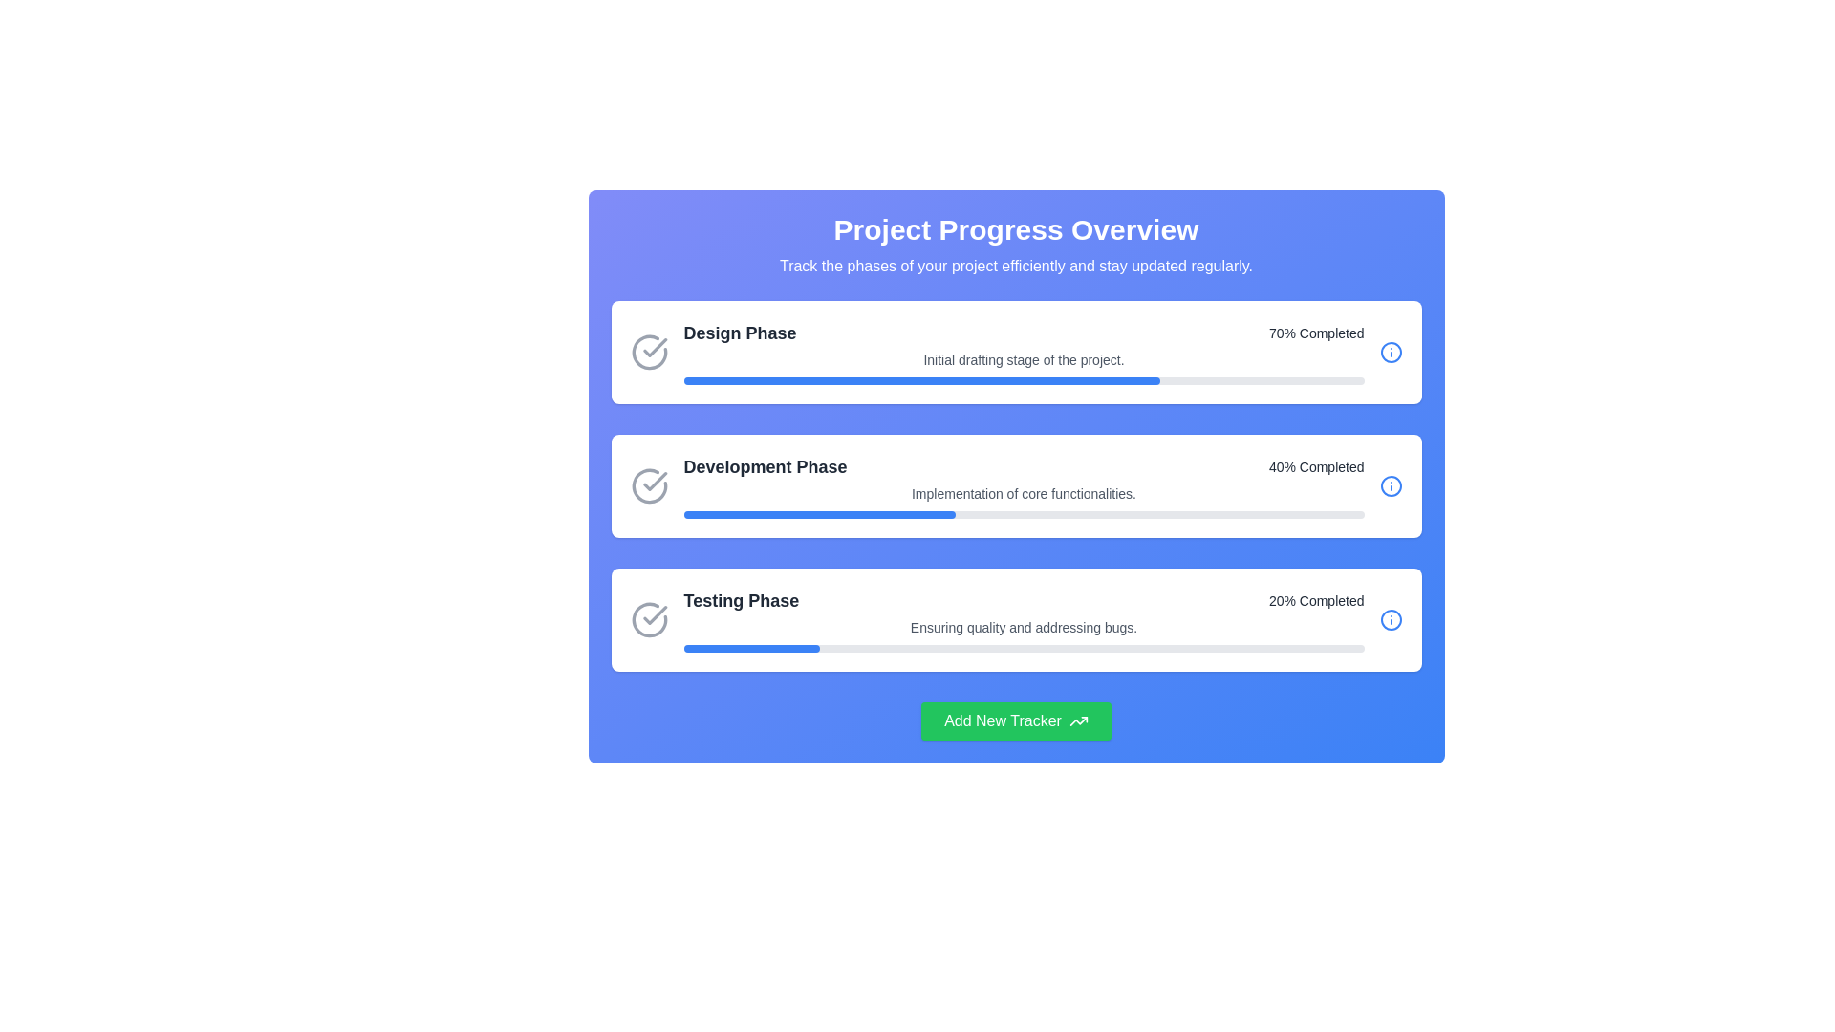 The width and height of the screenshot is (1835, 1032). What do you see at coordinates (1391, 353) in the screenshot?
I see `the Circle graphic element located in the 'Design Phase' box, adjacent to the '70% Completed' text` at bounding box center [1391, 353].